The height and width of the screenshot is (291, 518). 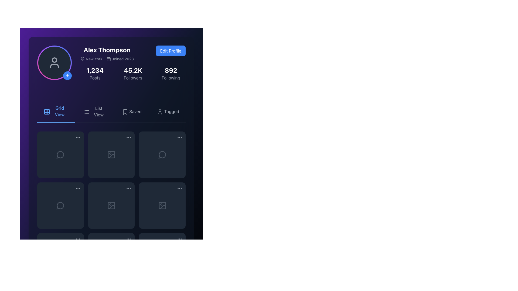 I want to click on the static text display that shows the number of posts created by the user, which is centrally positioned in the profile section of the interface, so click(x=95, y=70).